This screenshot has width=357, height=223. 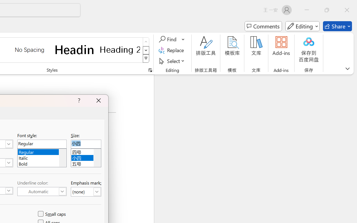 I want to click on 'Replace...', so click(x=172, y=50).